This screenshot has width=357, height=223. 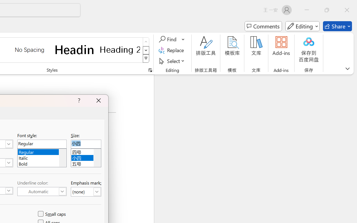 I want to click on 'Replace...', so click(x=172, y=50).